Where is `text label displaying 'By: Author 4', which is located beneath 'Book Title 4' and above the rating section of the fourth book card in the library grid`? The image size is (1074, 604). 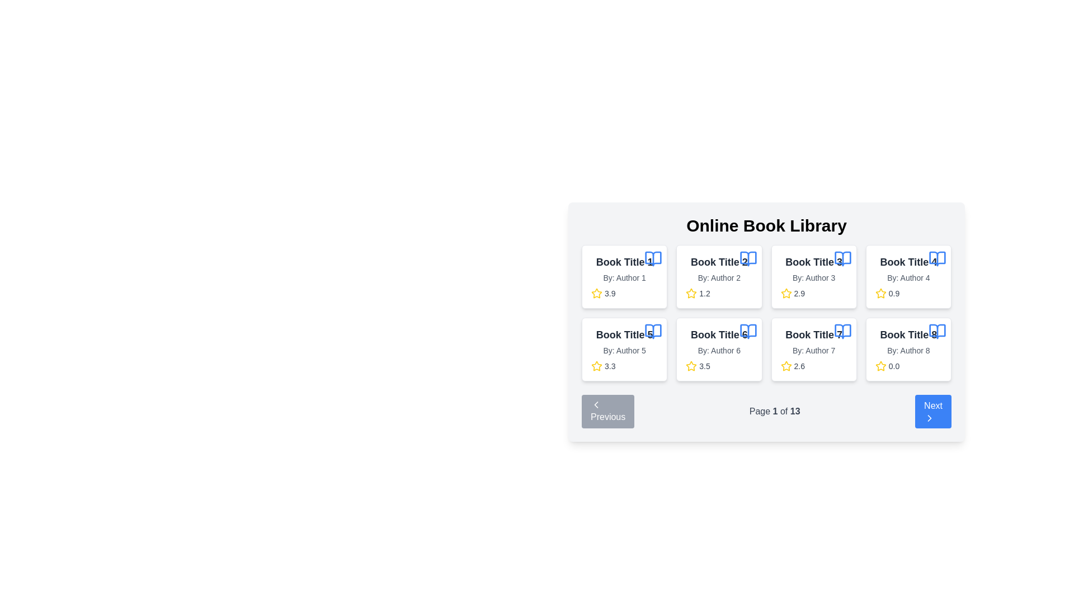 text label displaying 'By: Author 4', which is located beneath 'Book Title 4' and above the rating section of the fourth book card in the library grid is located at coordinates (908, 277).